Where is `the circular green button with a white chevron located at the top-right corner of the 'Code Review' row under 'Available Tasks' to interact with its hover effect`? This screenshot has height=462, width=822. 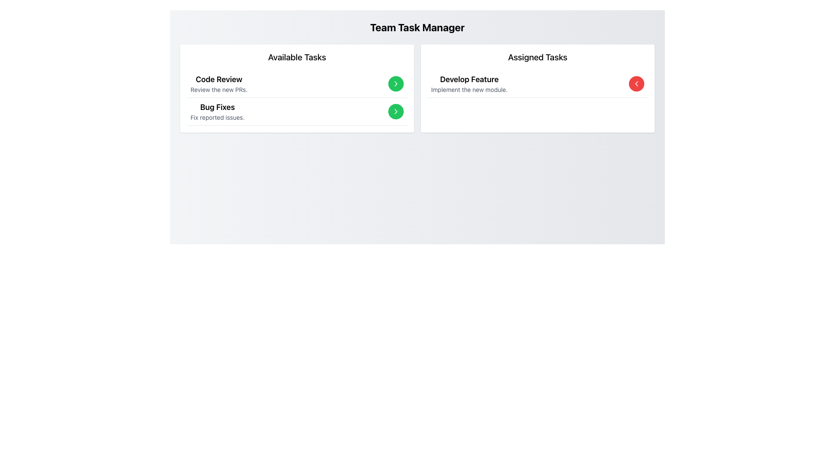
the circular green button with a white chevron located at the top-right corner of the 'Code Review' row under 'Available Tasks' to interact with its hover effect is located at coordinates (396, 84).